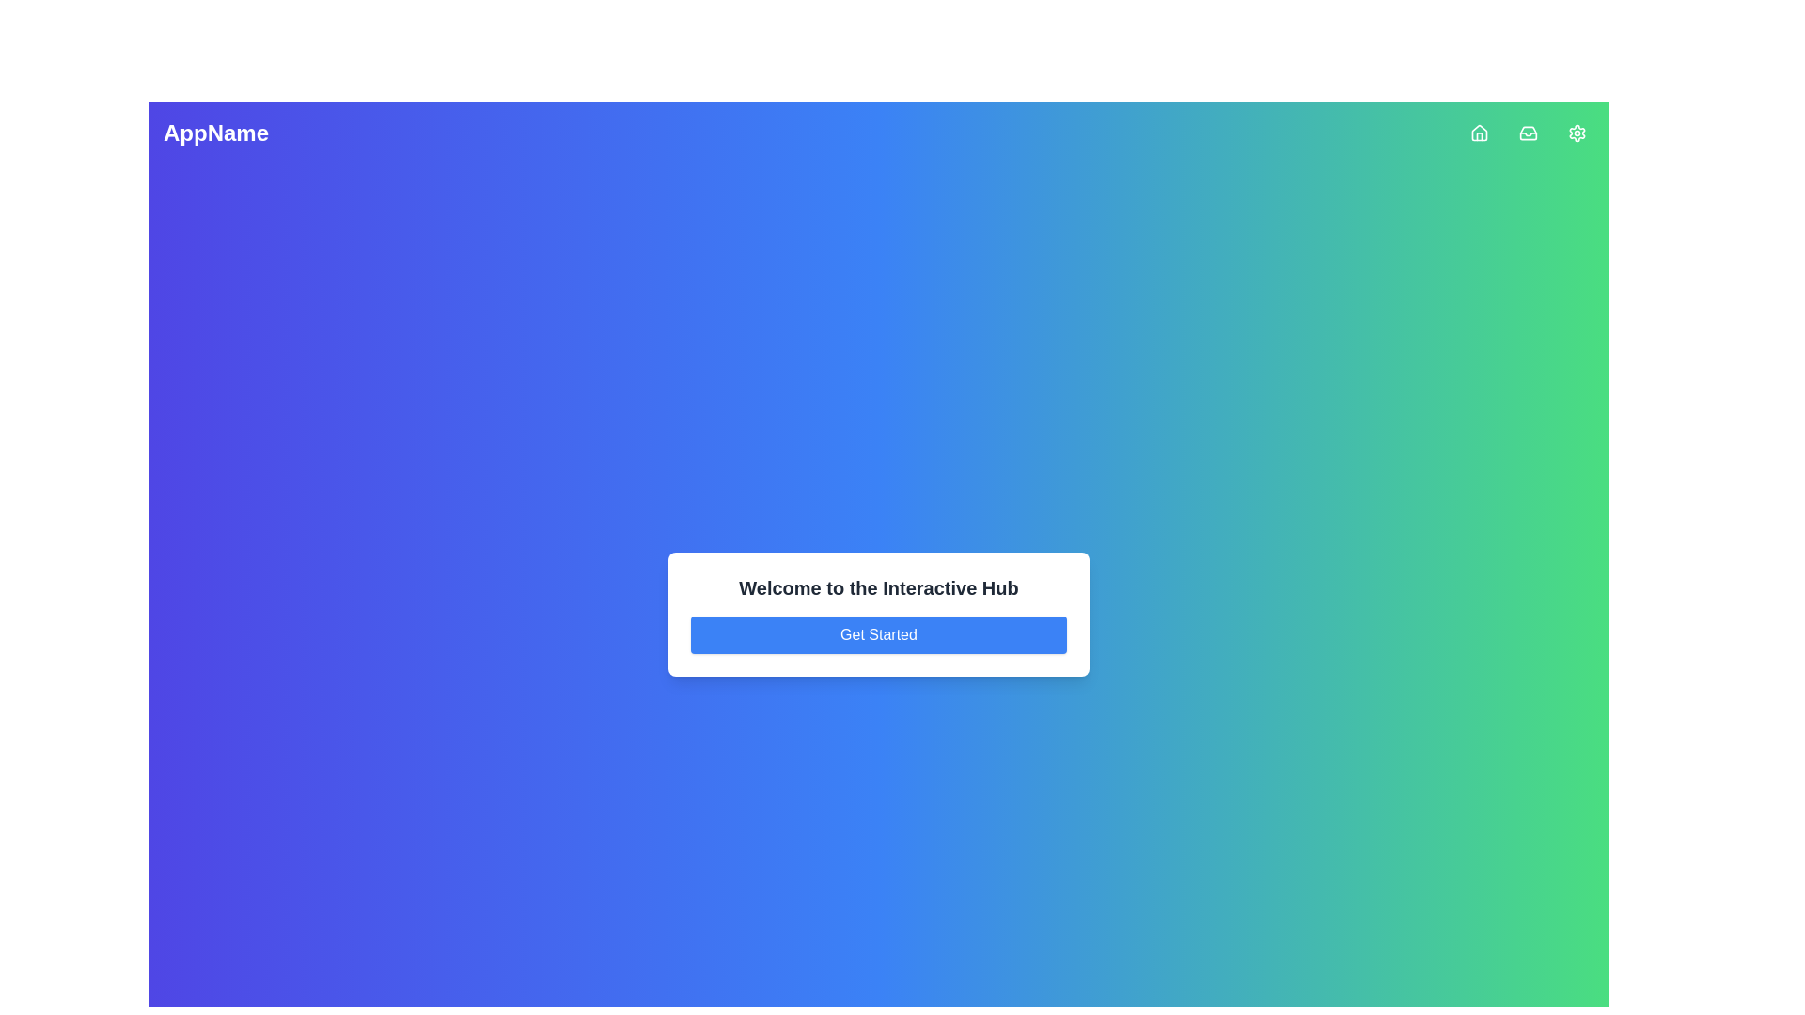 This screenshot has height=1015, width=1805. I want to click on the heading text label at the top of the card, which provides a welcome message to users, so click(878, 586).